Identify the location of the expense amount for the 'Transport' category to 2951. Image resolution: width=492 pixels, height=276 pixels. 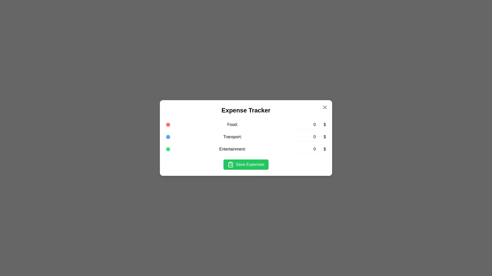
(307, 137).